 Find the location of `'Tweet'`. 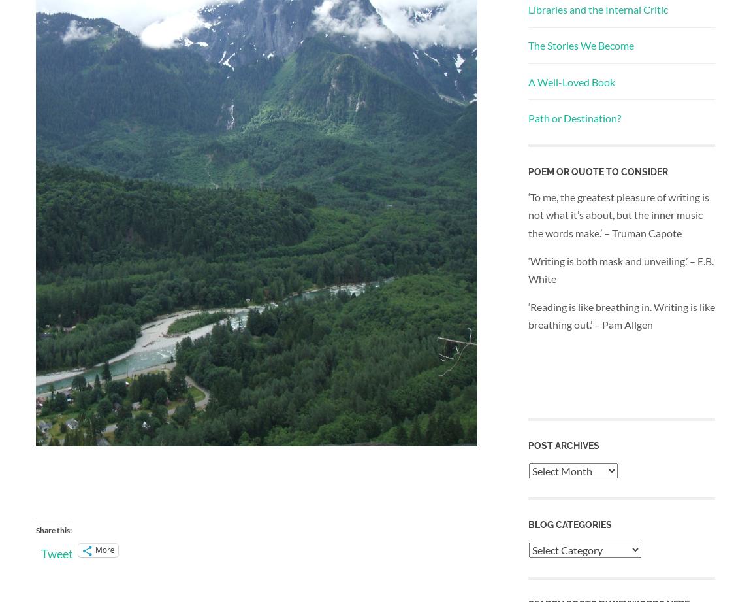

'Tweet' is located at coordinates (56, 552).